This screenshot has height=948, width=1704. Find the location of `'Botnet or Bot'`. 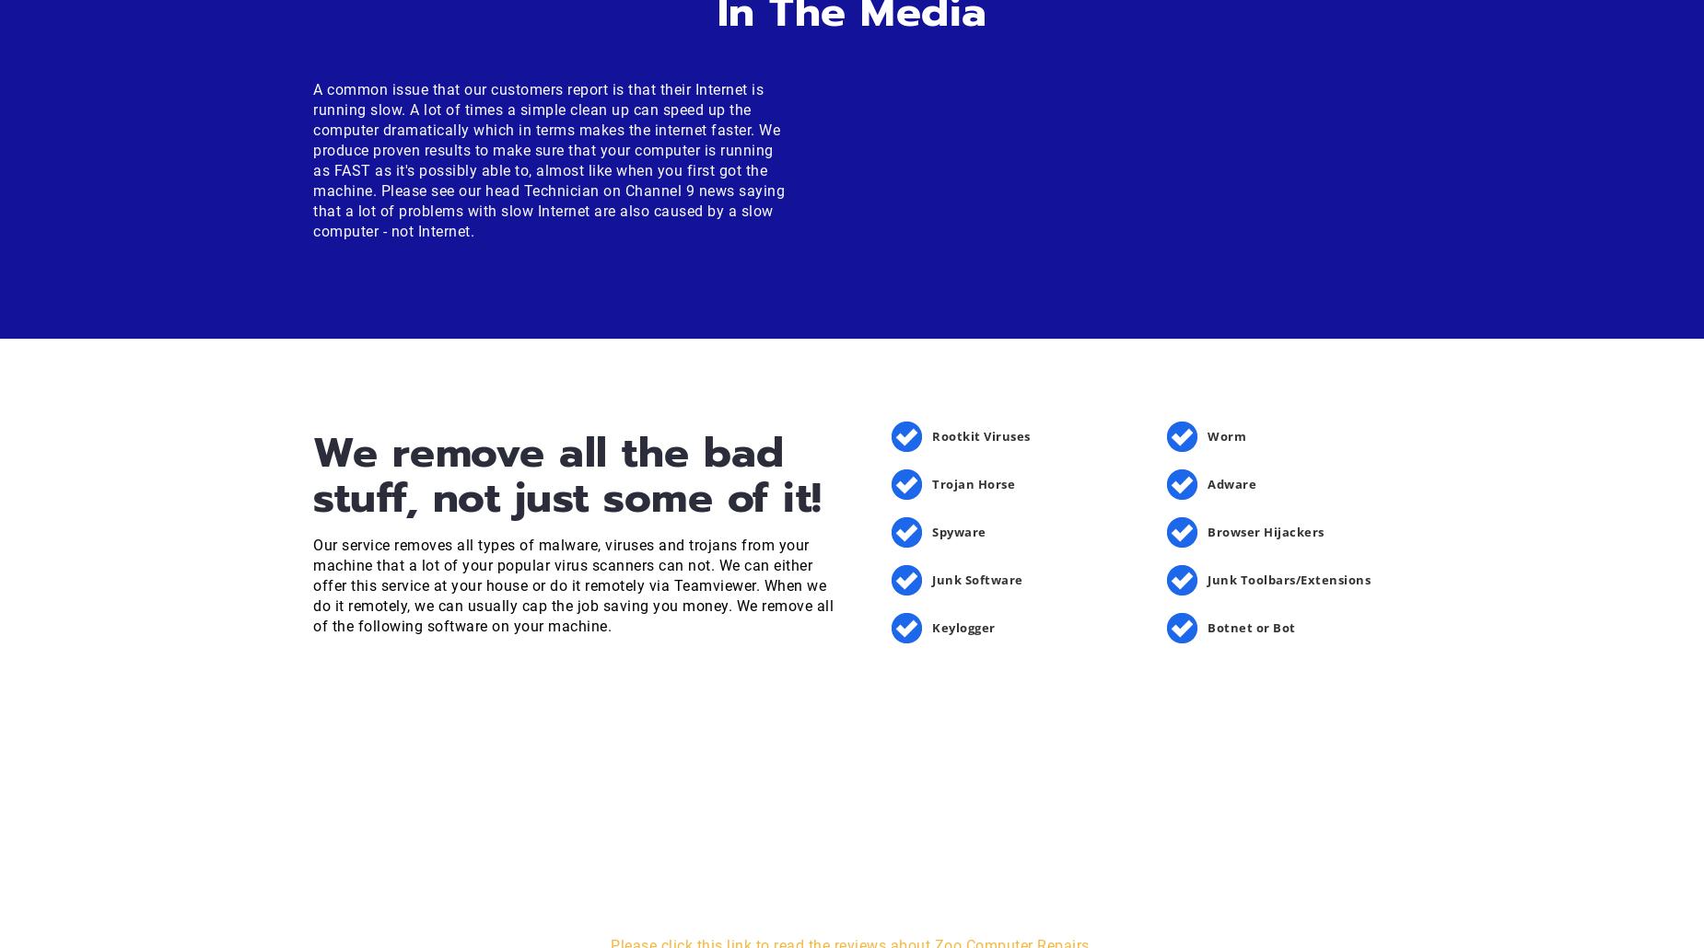

'Botnet or Bot' is located at coordinates (1250, 626).